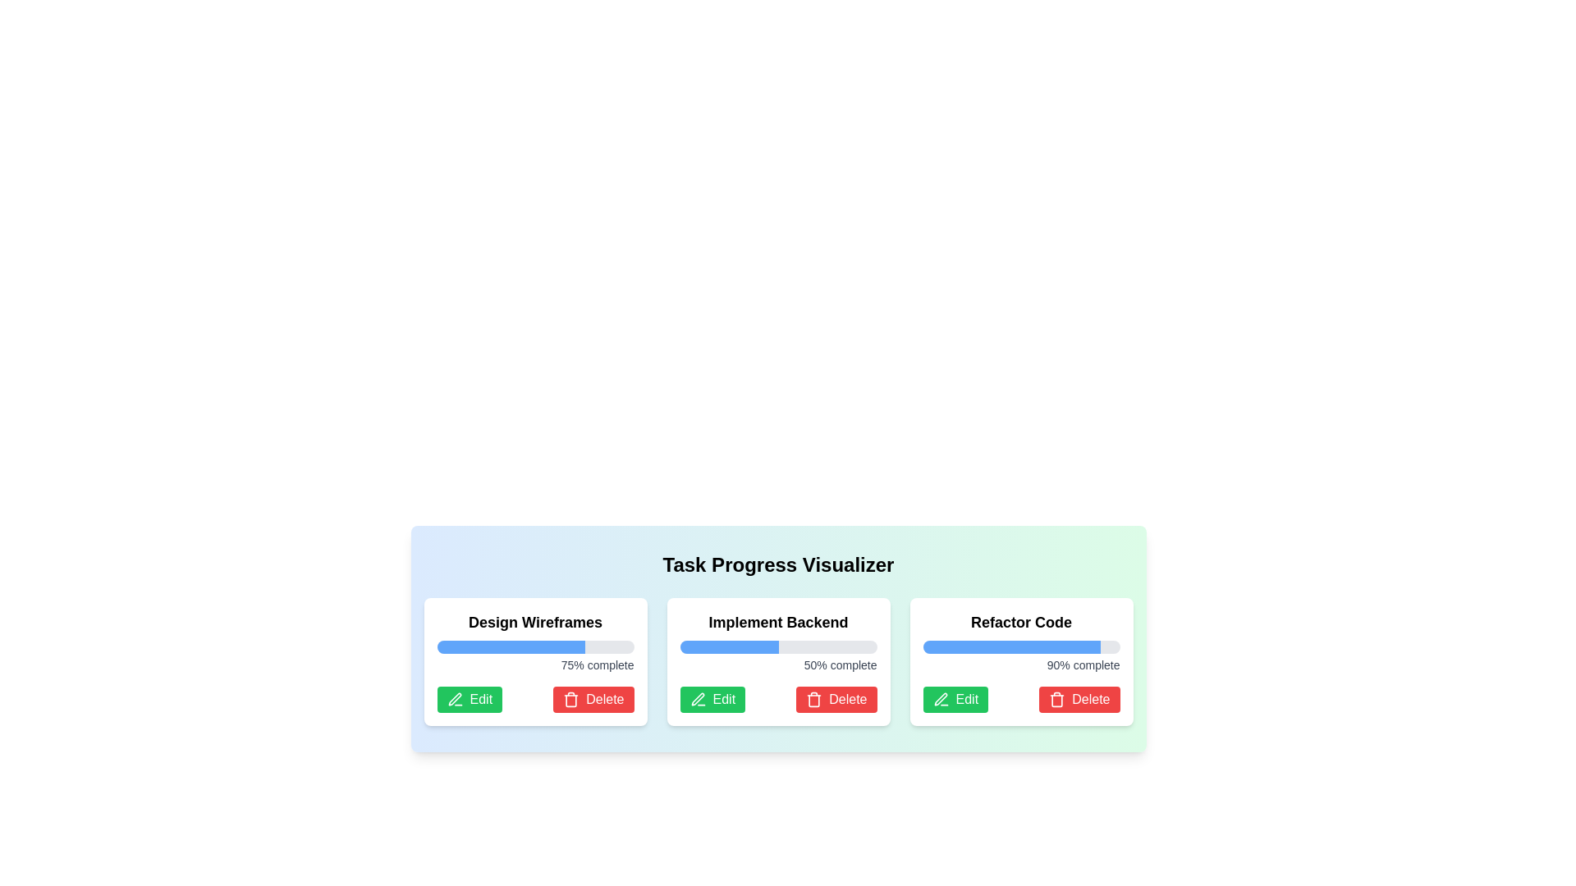 This screenshot has height=886, width=1576. Describe the element at coordinates (1019, 646) in the screenshot. I see `the progress` at that location.